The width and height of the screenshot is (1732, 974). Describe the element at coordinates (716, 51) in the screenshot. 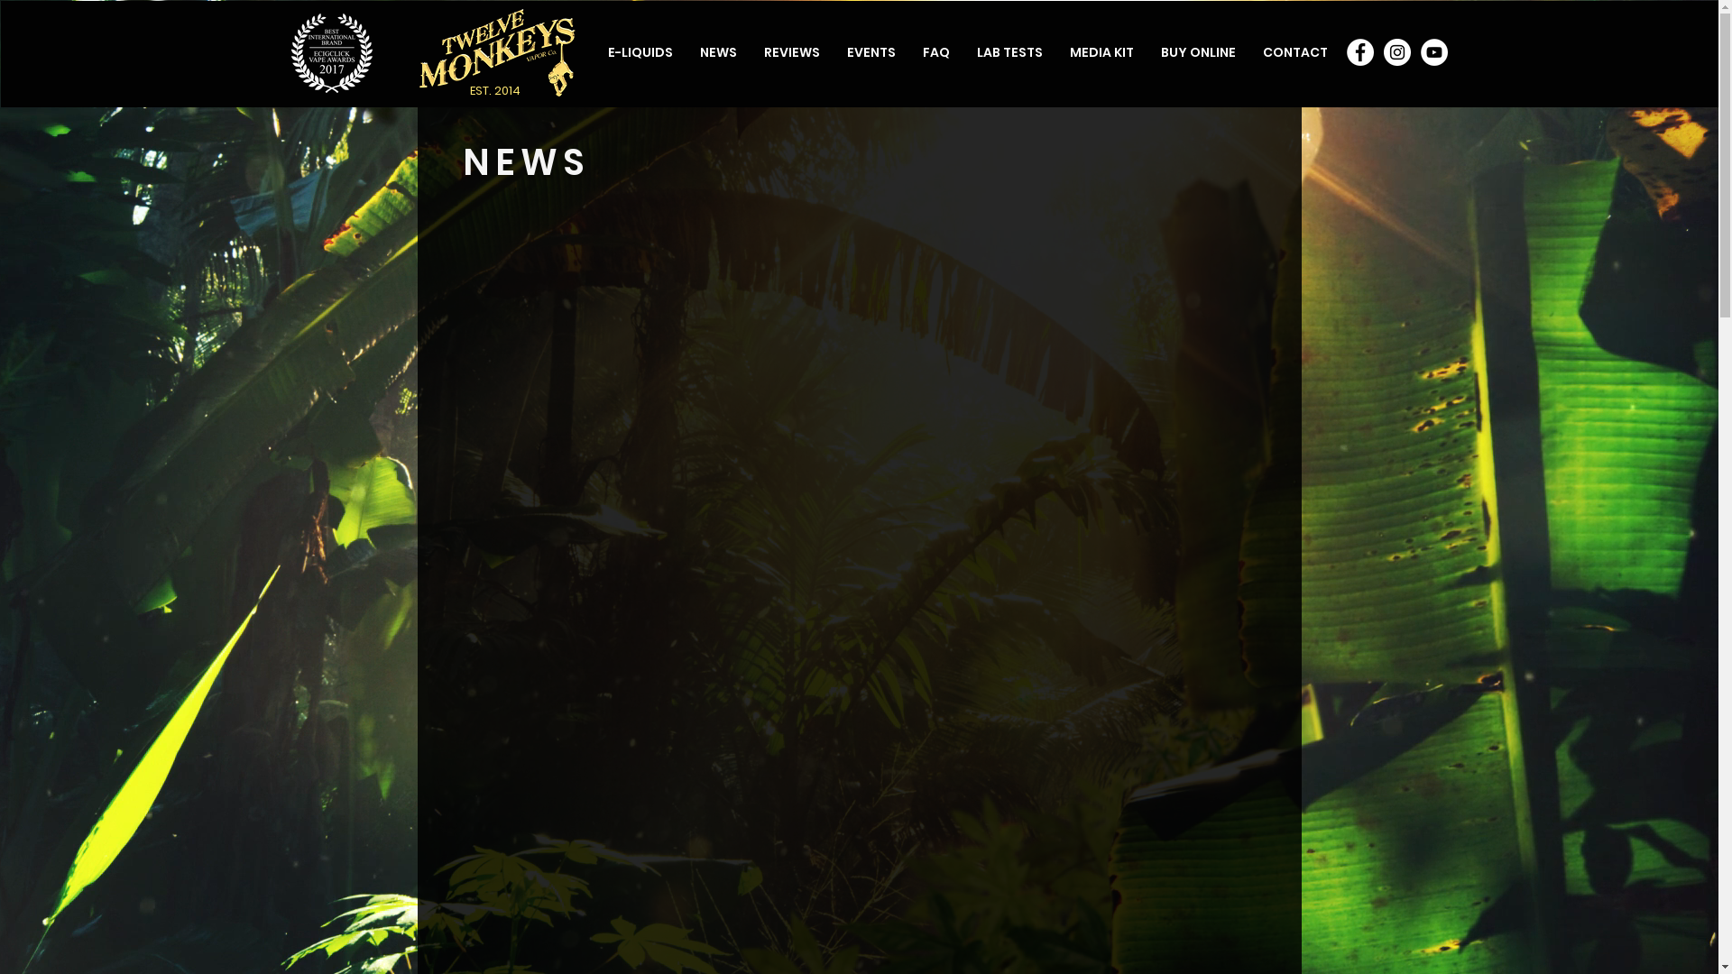

I see `'NEWS'` at that location.